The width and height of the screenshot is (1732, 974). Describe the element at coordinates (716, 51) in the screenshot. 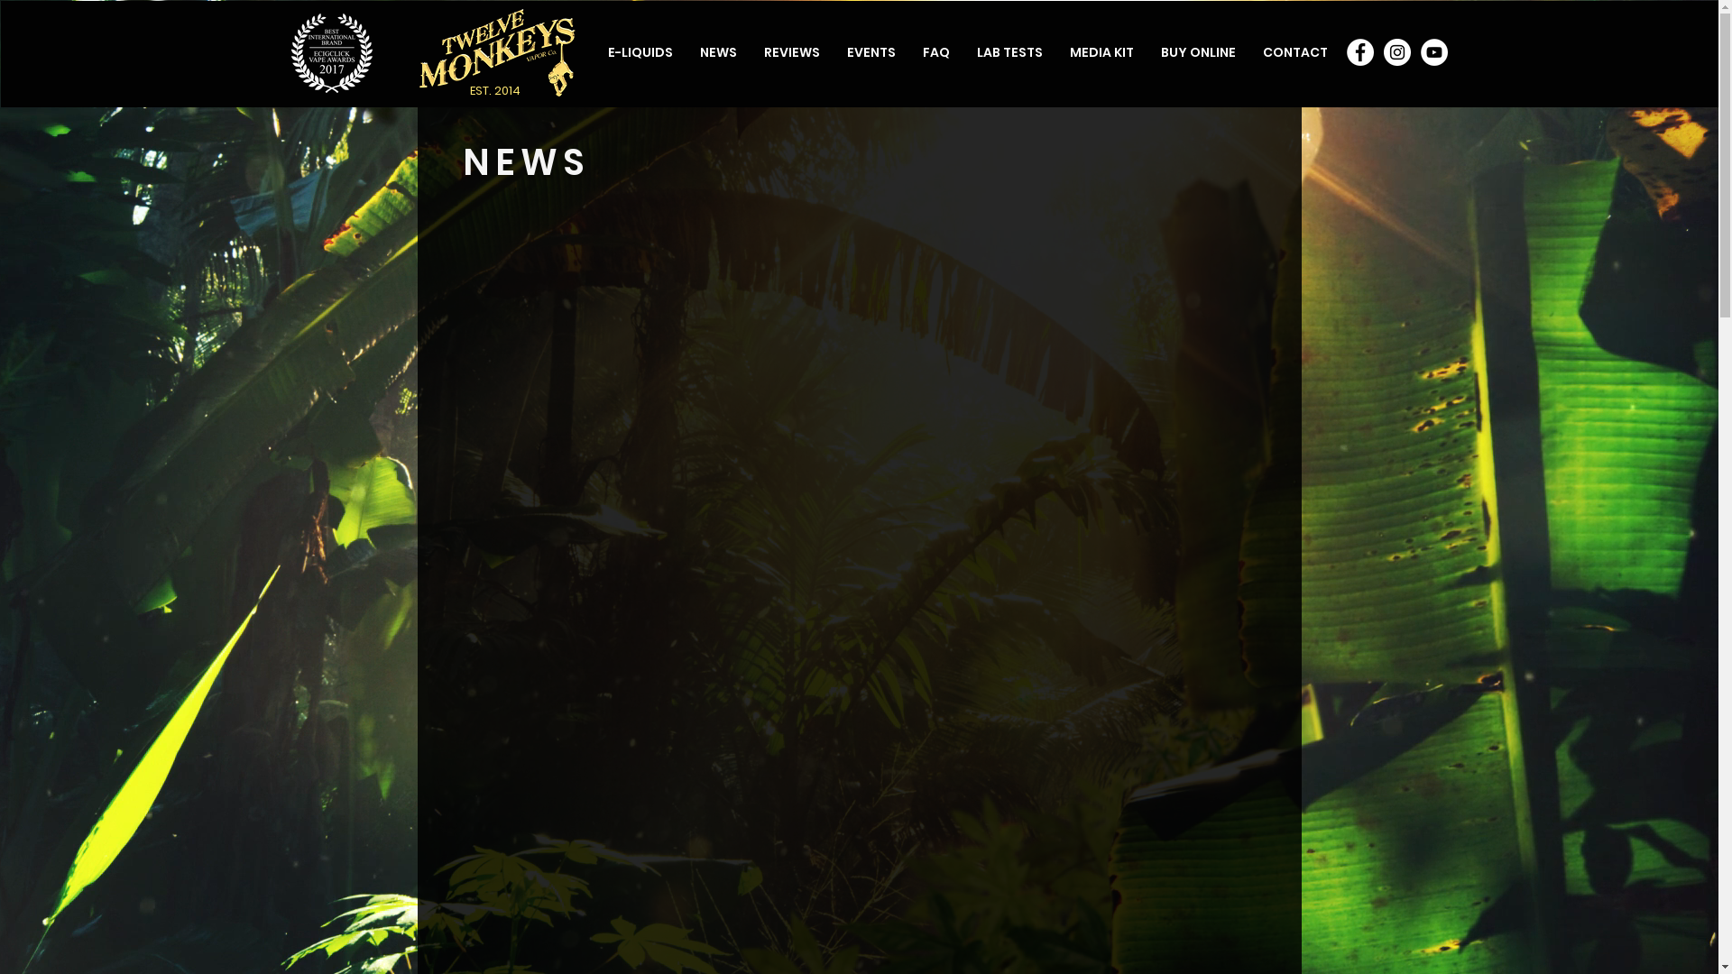

I see `'NEWS'` at that location.